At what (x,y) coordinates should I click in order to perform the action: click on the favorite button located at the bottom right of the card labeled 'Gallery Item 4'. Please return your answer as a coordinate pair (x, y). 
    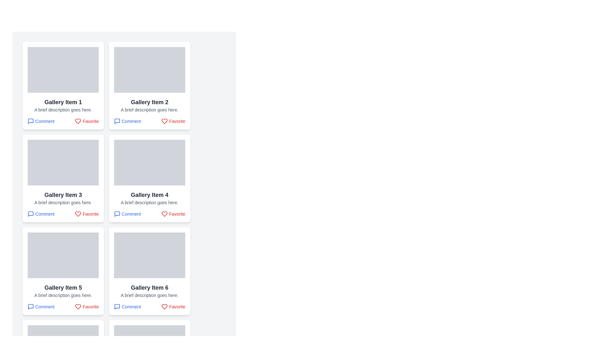
    Looking at the image, I should click on (173, 214).